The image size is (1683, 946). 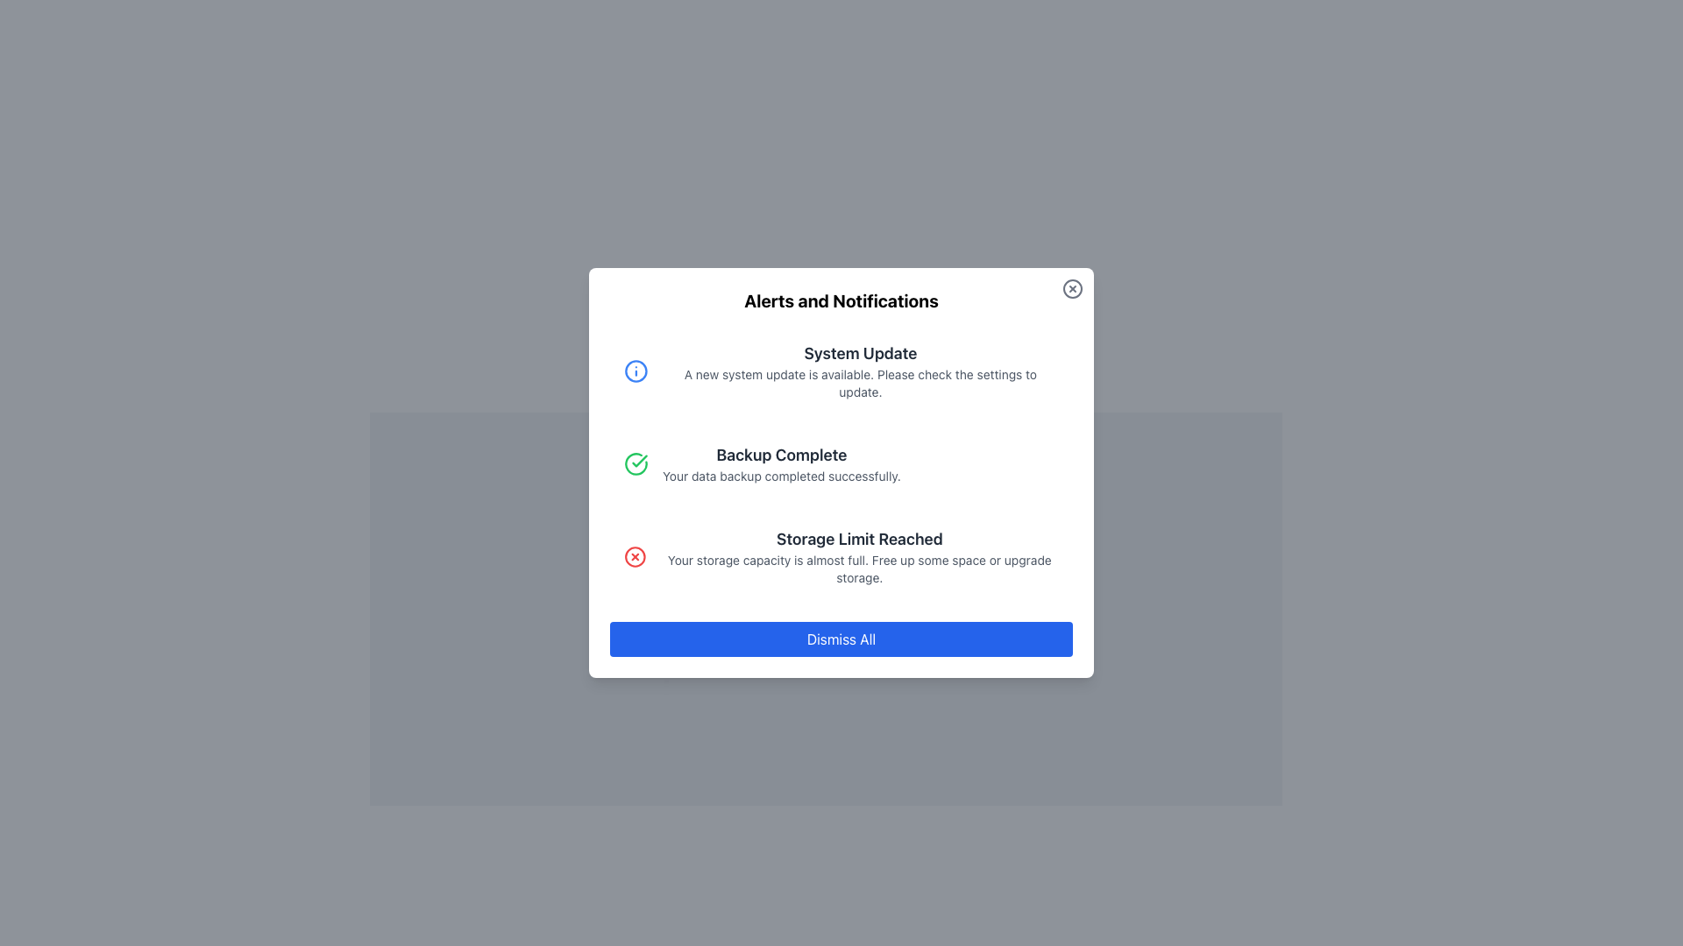 I want to click on the close button located at the top-right corner of the notification modal, which is positioned above the header text 'Alerts and Notifications', so click(x=1072, y=288).